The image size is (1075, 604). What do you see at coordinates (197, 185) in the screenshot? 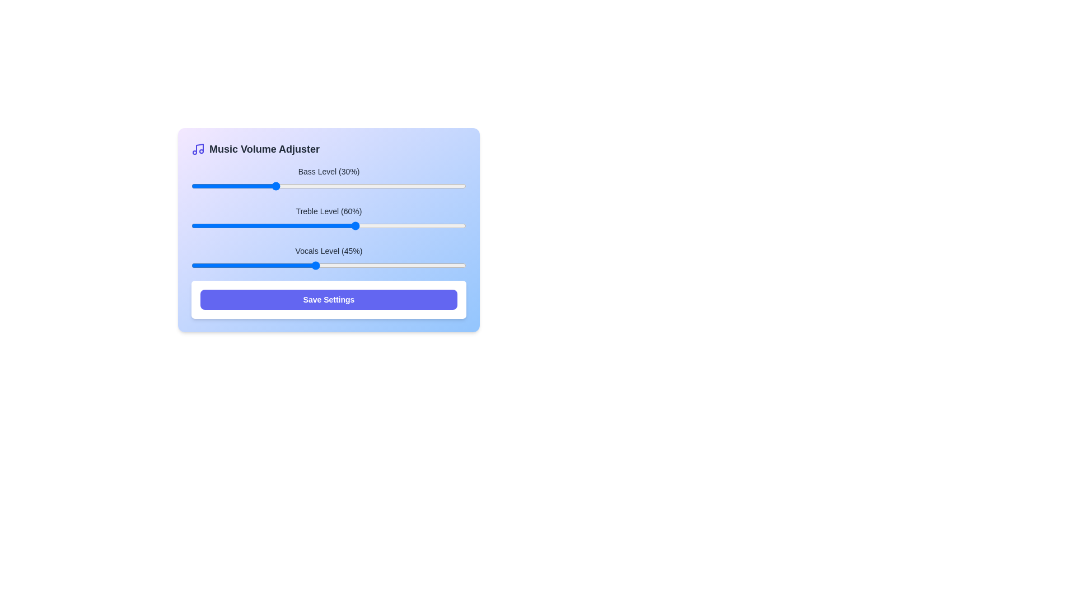
I see `the bass level` at bounding box center [197, 185].